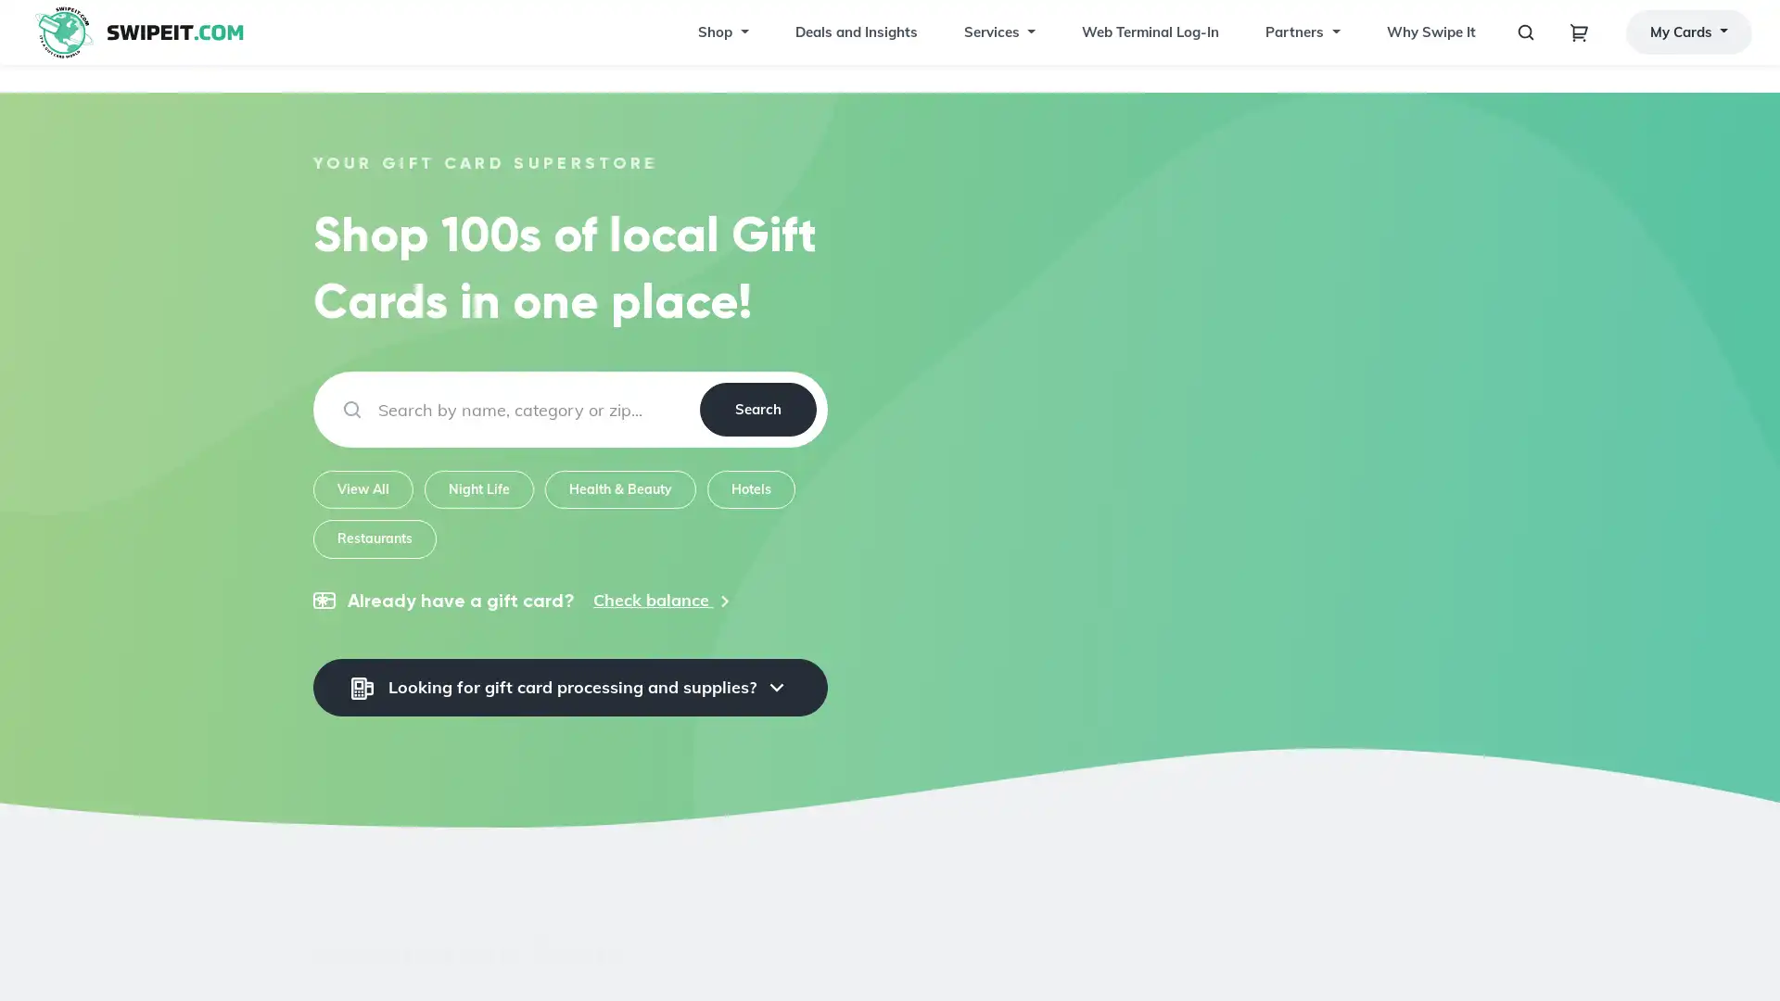 The height and width of the screenshot is (1001, 1780). I want to click on Looking for gift card processing and supplies?, so click(568, 687).